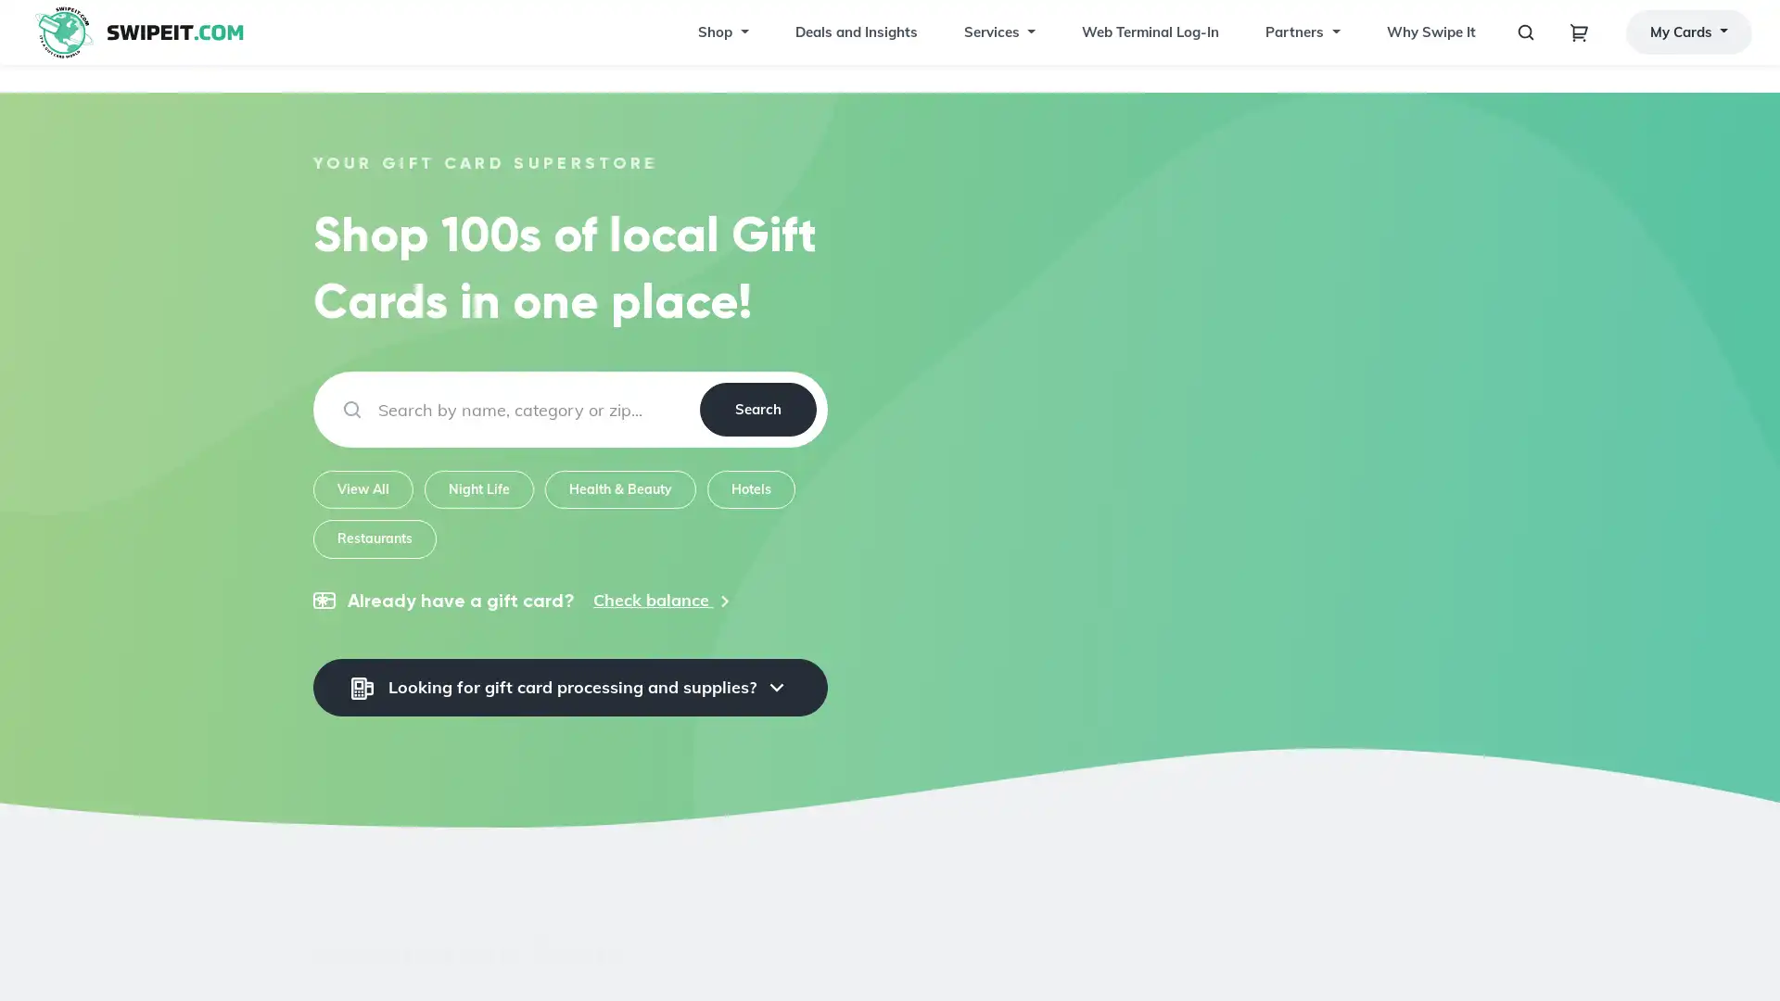 The height and width of the screenshot is (1001, 1780). I want to click on Looking for gift card processing and supplies?, so click(568, 687).